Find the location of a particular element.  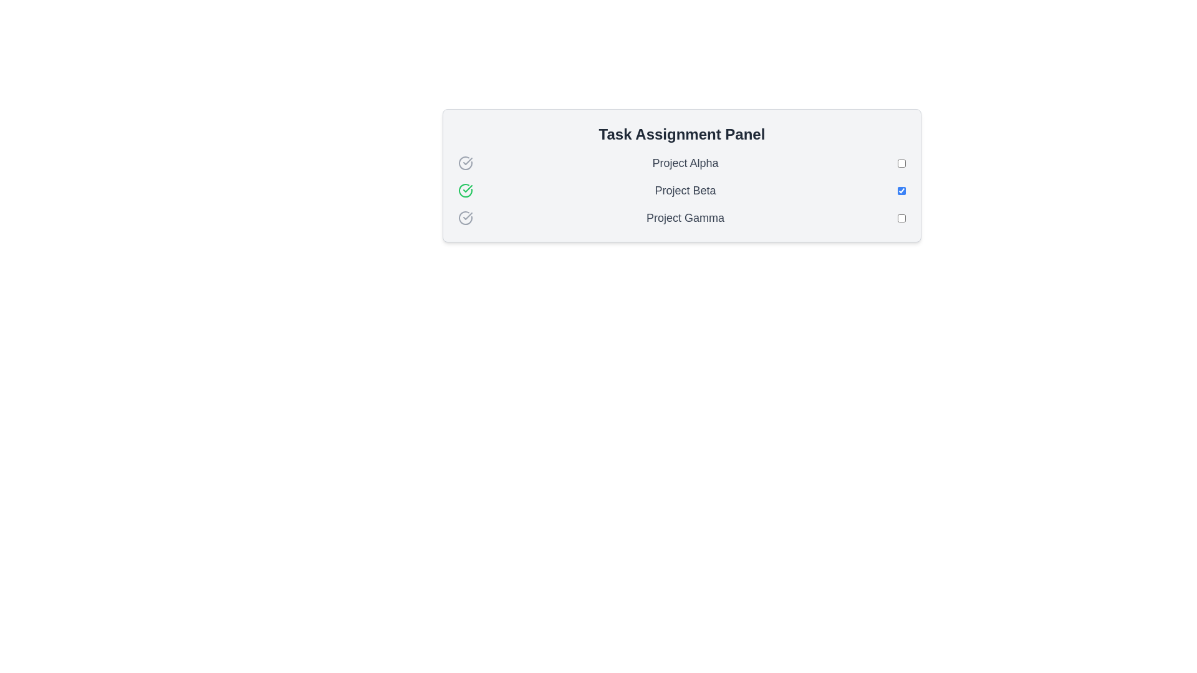

the SVG component that is part of an icon shaped like a partially drawn circle, positioned to the left of the text 'Project Beta' within the task list interface is located at coordinates (465, 217).